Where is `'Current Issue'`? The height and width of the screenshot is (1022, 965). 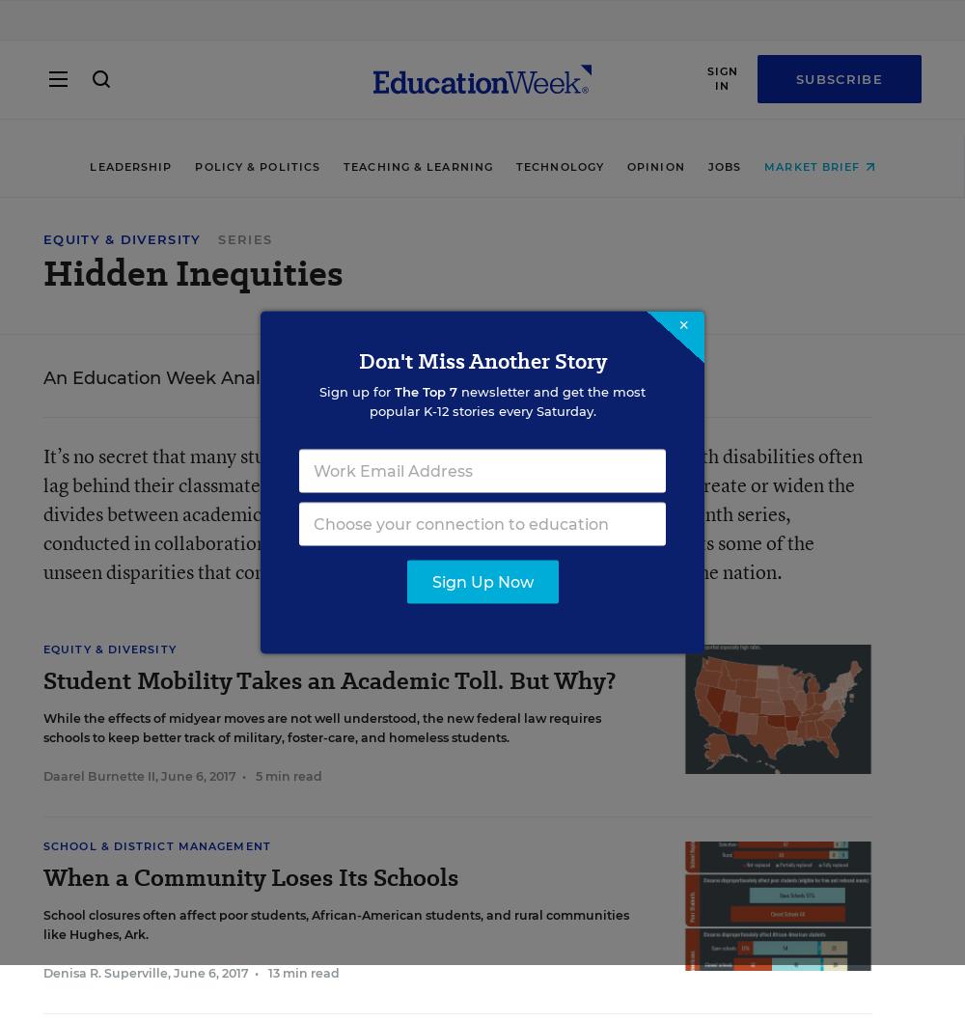 'Current Issue' is located at coordinates (43, 768).